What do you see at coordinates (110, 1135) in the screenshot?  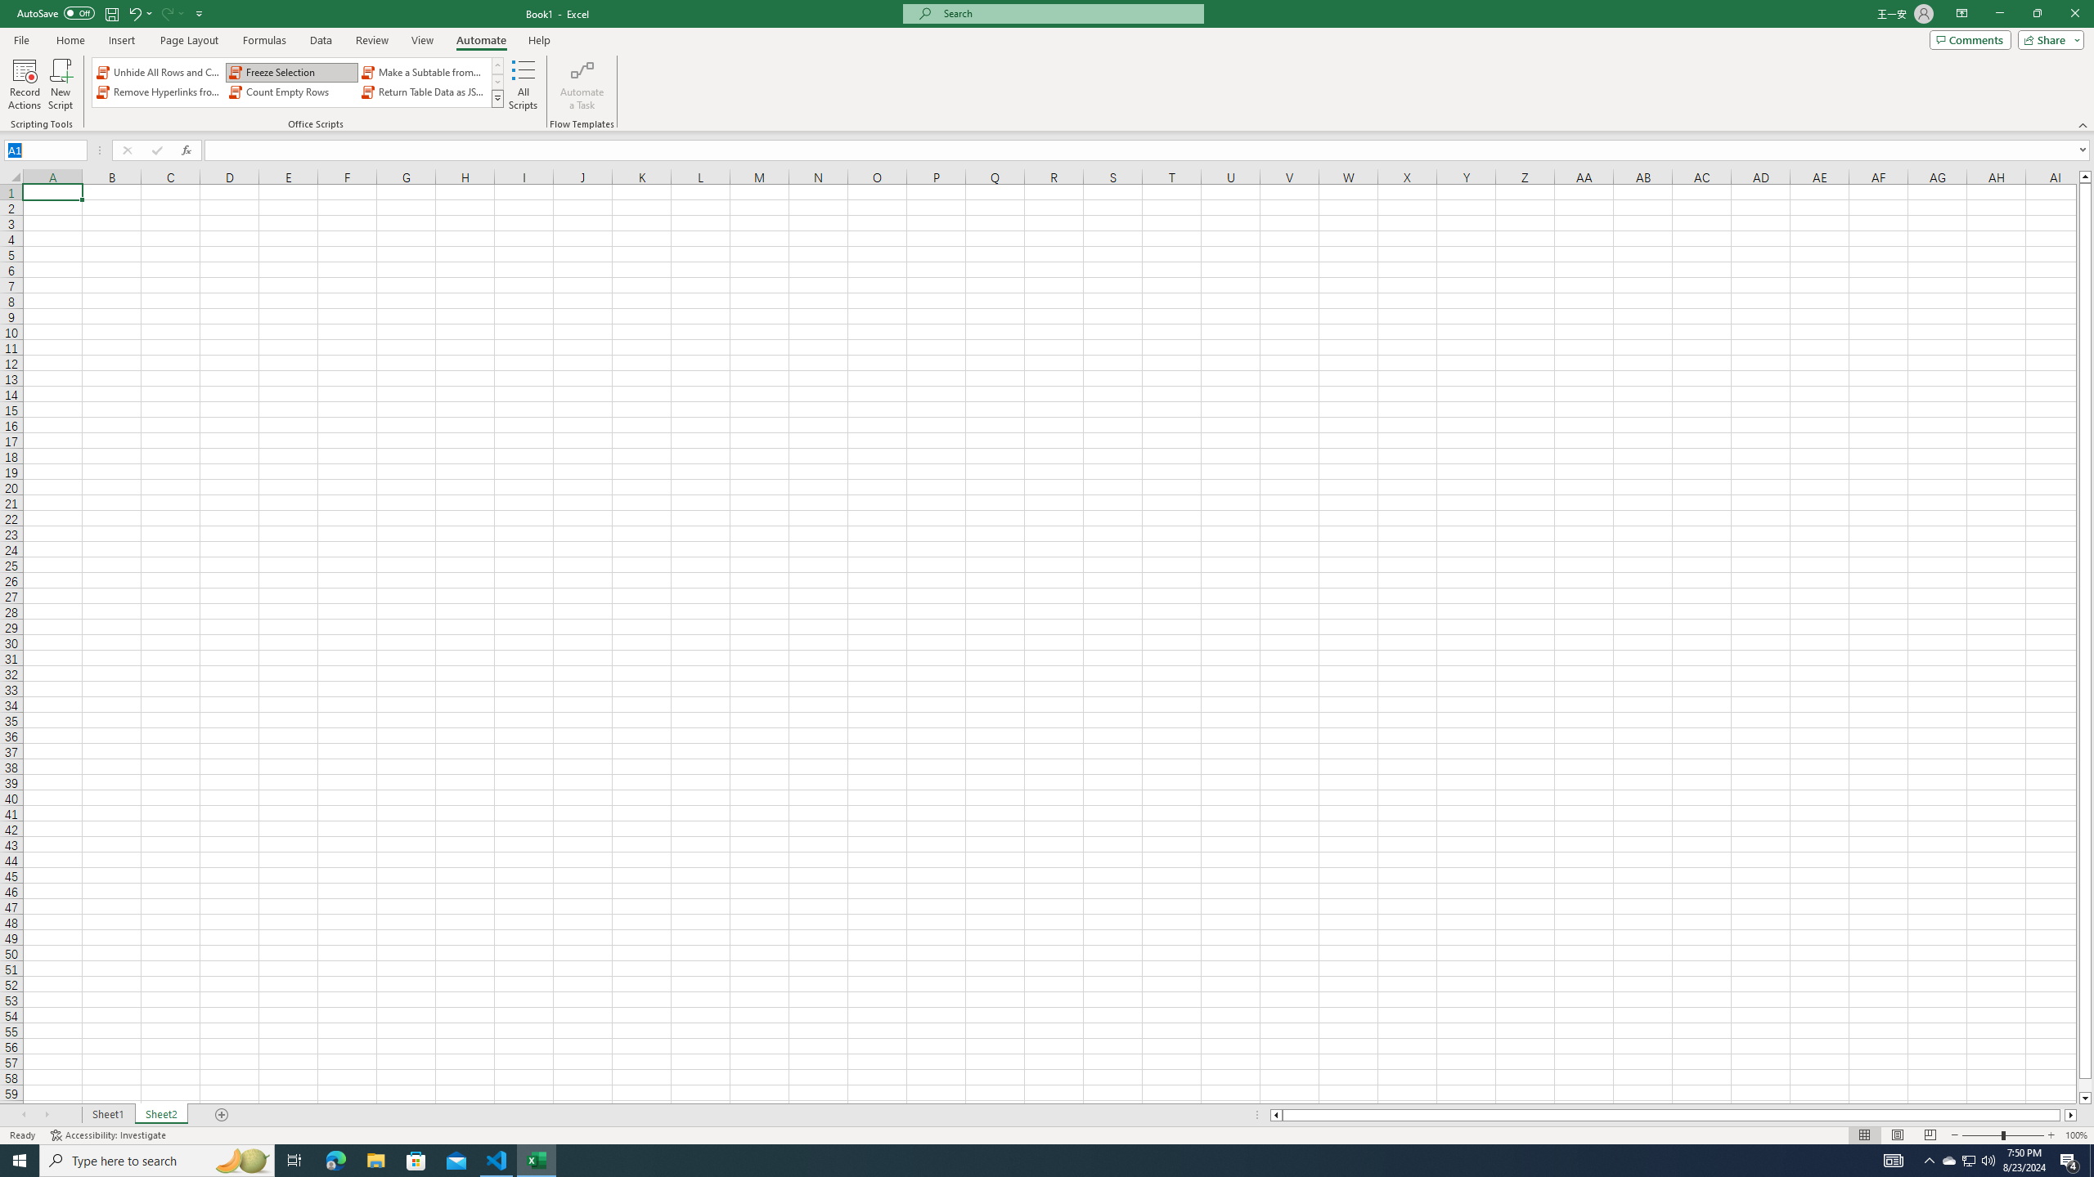 I see `'Accessibility Checker Accessibility: Investigate'` at bounding box center [110, 1135].